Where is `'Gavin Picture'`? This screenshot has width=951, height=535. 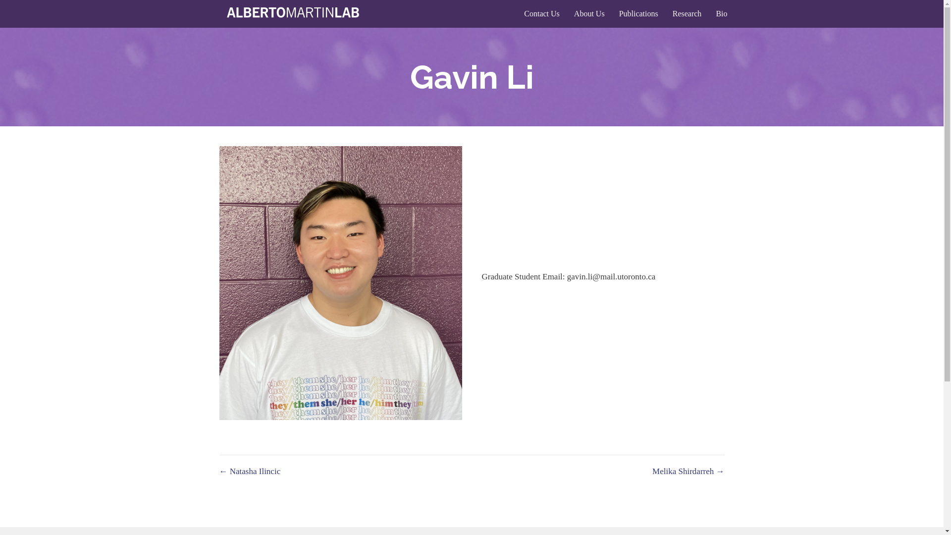
'Gavin Picture' is located at coordinates (340, 283).